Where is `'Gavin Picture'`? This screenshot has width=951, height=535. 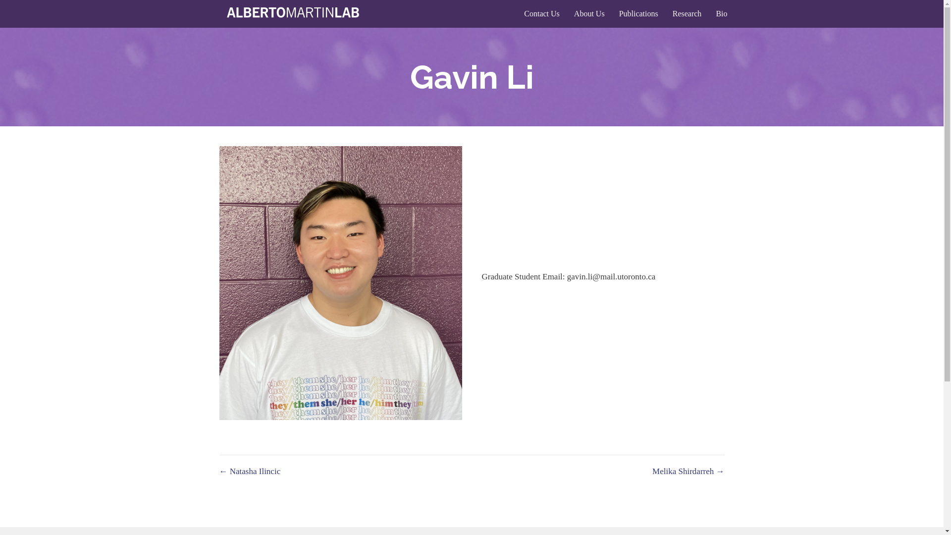
'Gavin Picture' is located at coordinates (340, 283).